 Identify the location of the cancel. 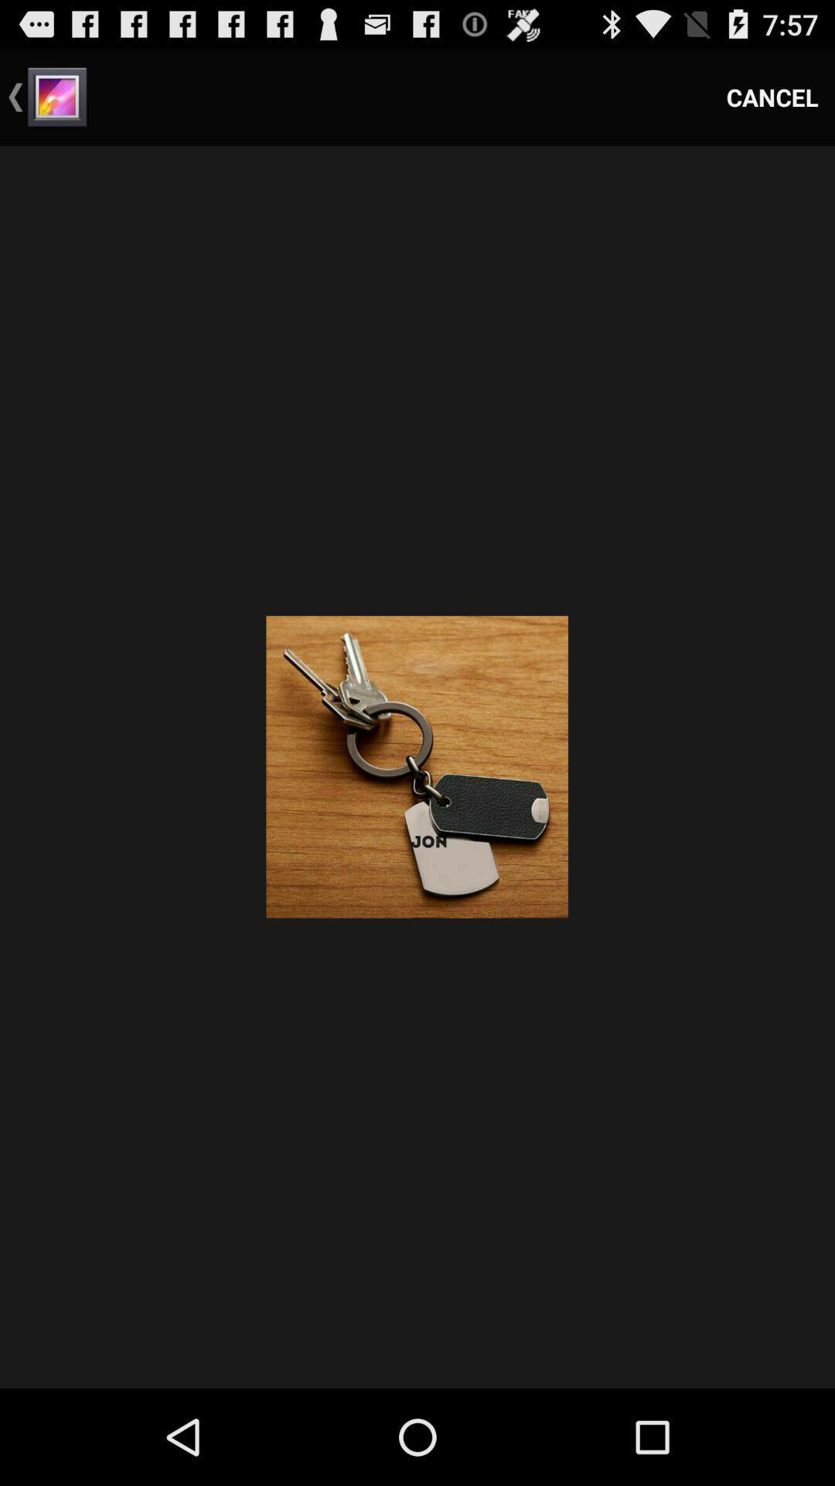
(772, 96).